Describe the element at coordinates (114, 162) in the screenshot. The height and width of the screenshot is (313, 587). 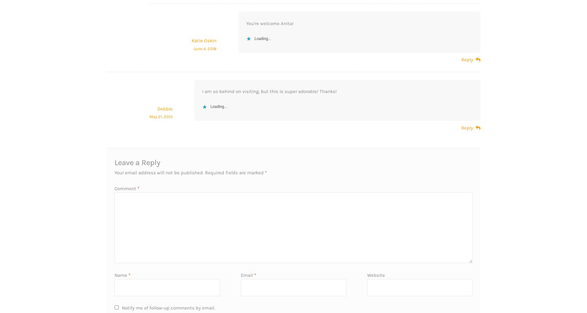
I see `'Leave a Reply'` at that location.